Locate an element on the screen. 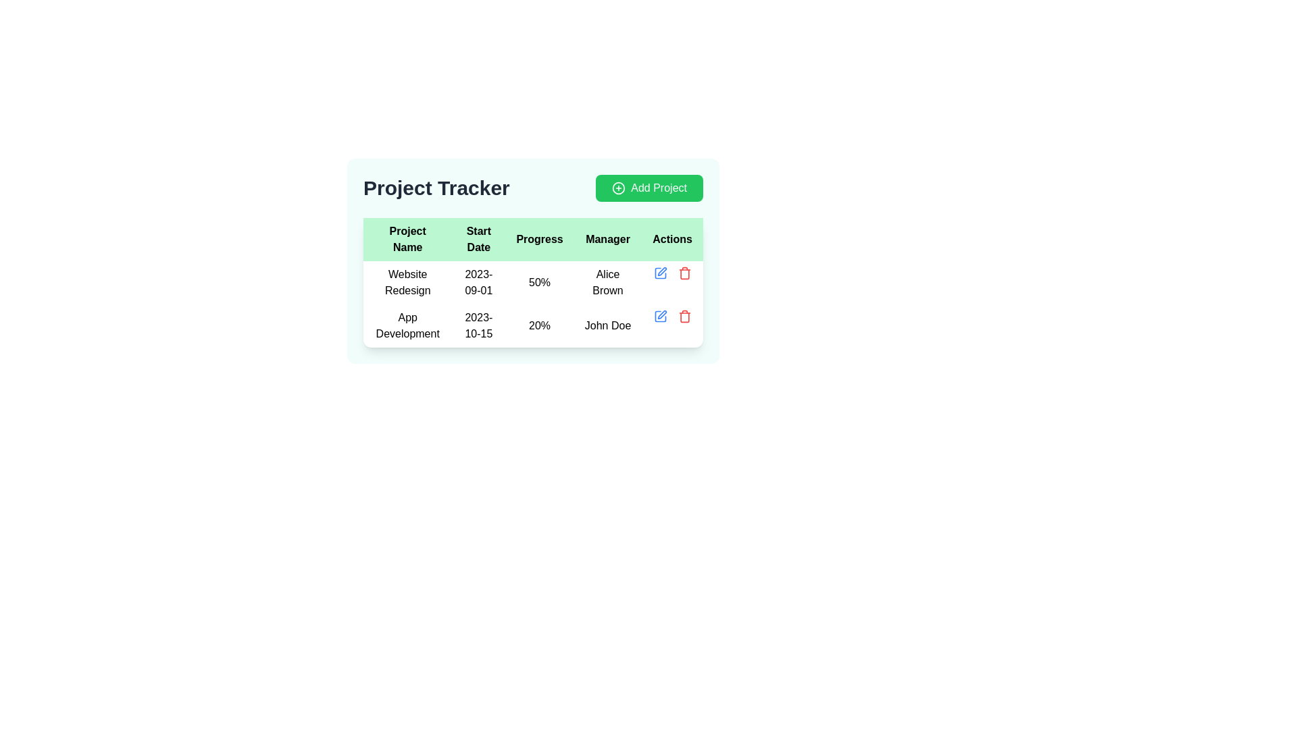 This screenshot has width=1297, height=729. text label displaying '2023-09-01' located in the second column of the first row in the table adjacent to 'Website Redesign' and '50% is located at coordinates (478, 282).